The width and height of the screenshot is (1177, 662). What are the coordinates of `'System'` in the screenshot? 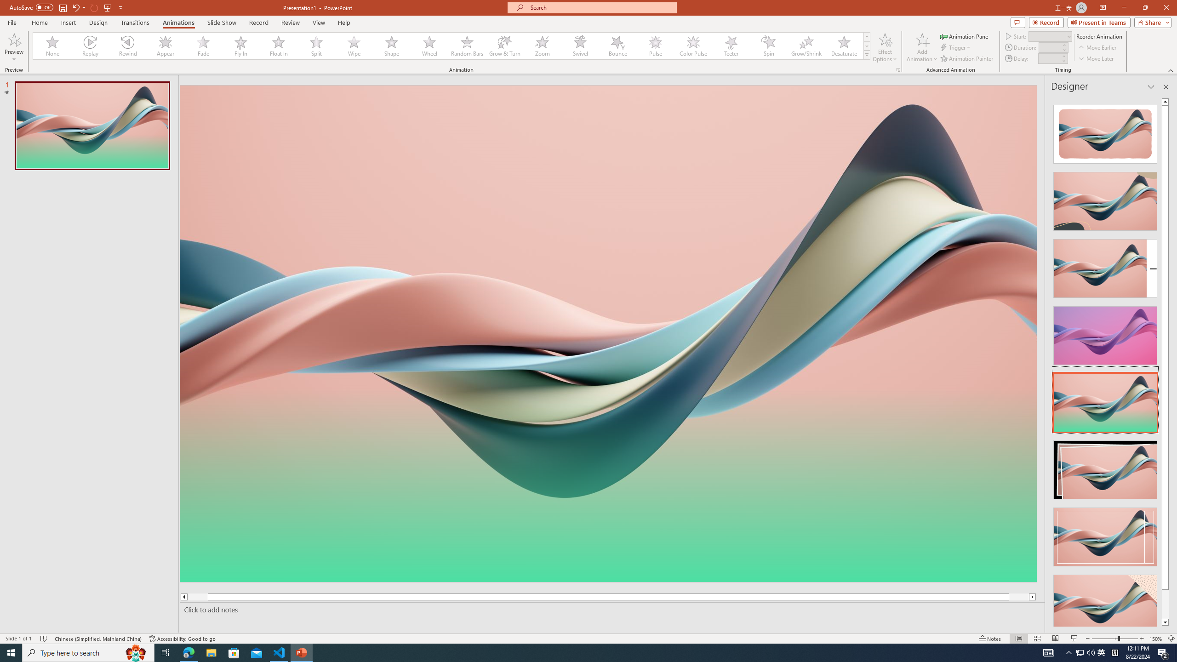 It's located at (5, 4).